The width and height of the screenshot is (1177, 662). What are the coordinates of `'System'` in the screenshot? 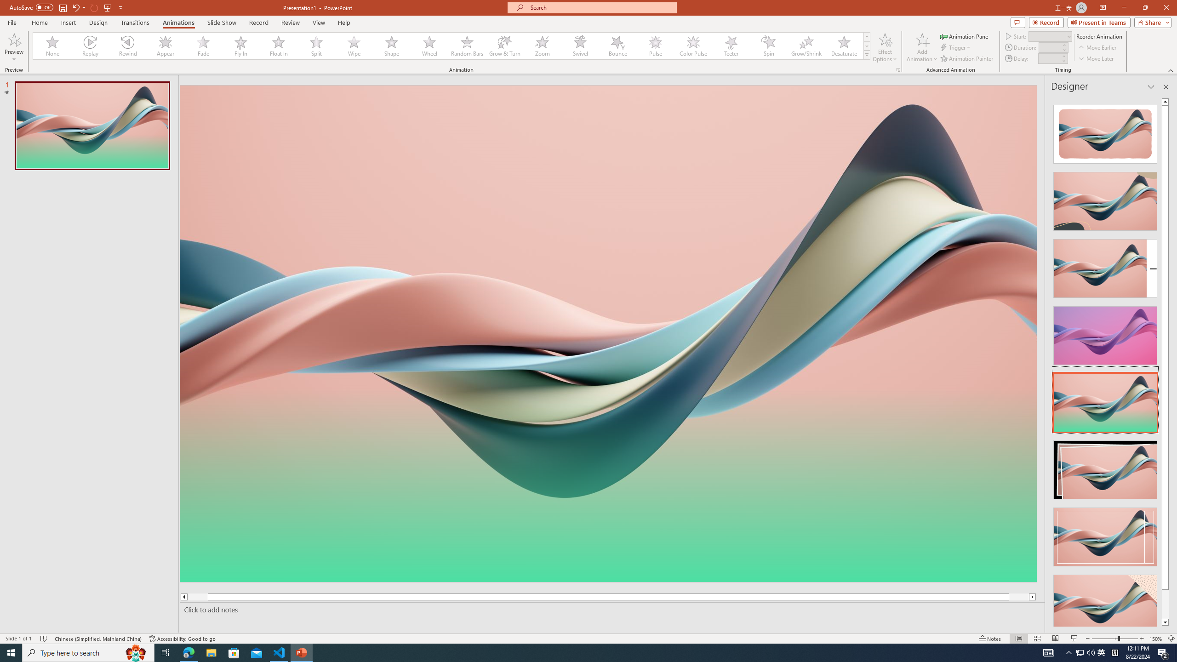 It's located at (5, 4).